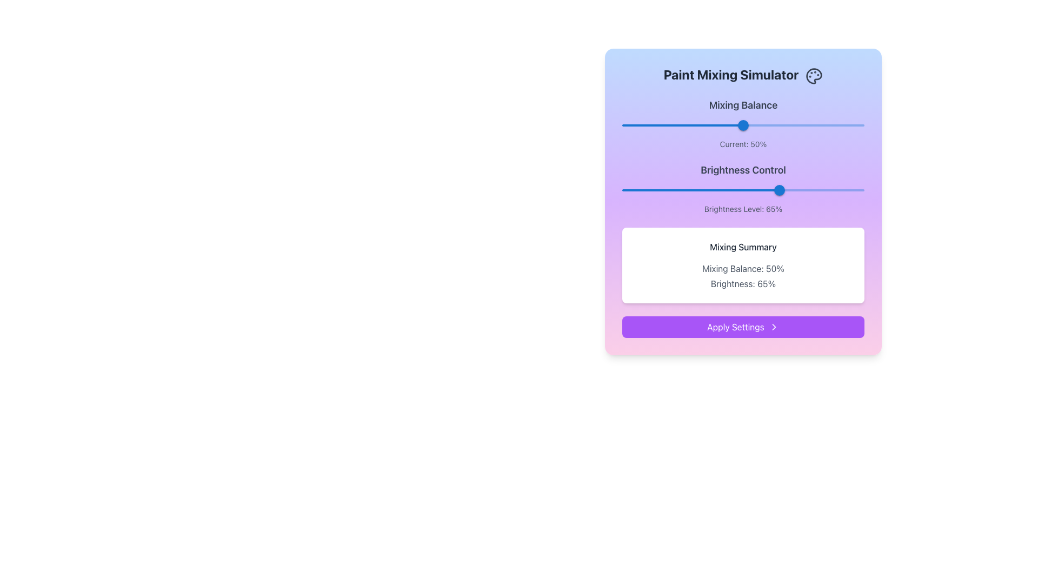  I want to click on the thumb of the slider labeled 'Current: 50%' under the 'Mixing Balance' section, so click(742, 123).